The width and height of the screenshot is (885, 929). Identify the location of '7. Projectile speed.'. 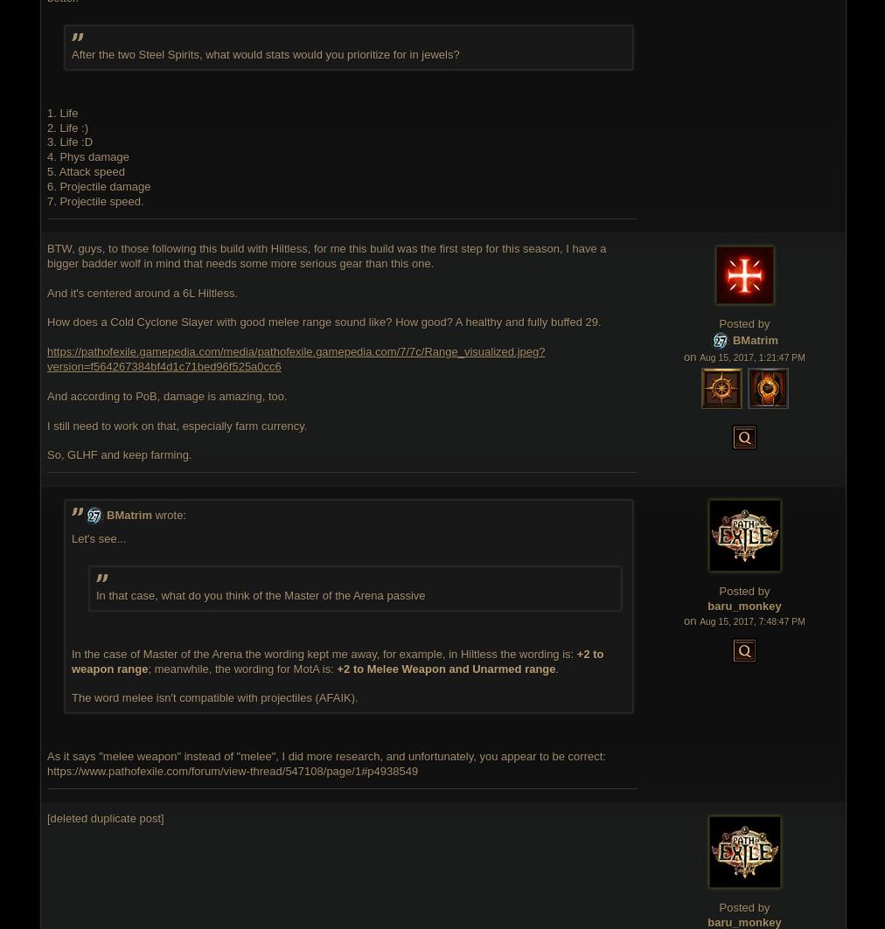
(94, 201).